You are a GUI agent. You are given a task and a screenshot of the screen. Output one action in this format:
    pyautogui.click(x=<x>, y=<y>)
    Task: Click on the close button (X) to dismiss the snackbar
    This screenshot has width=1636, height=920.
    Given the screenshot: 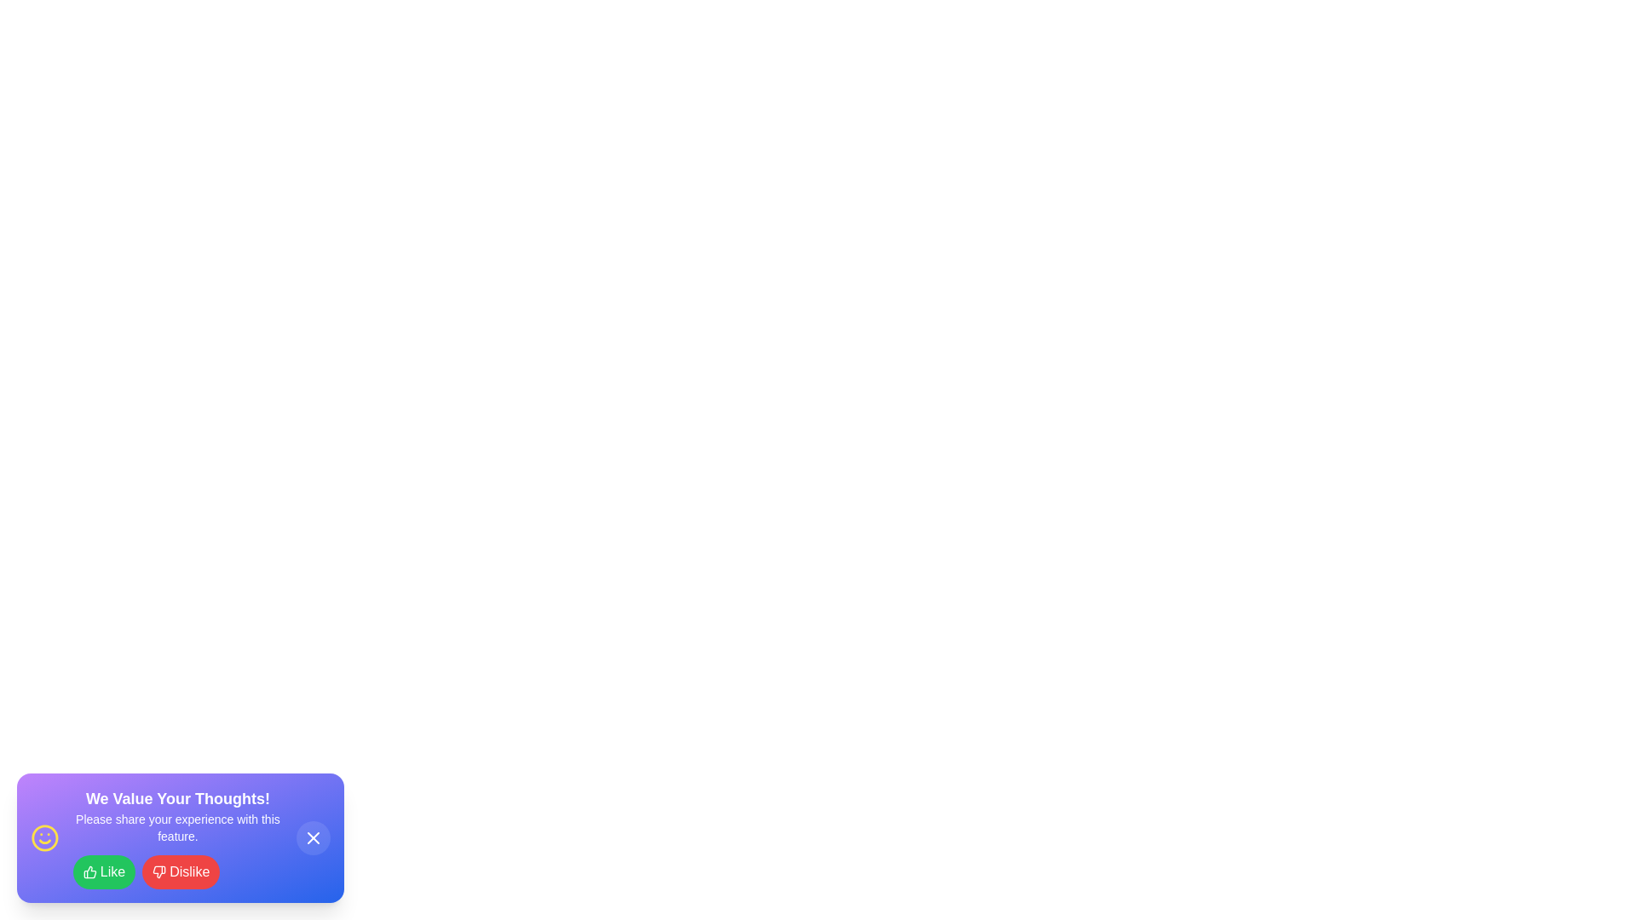 What is the action you would take?
    pyautogui.click(x=314, y=837)
    